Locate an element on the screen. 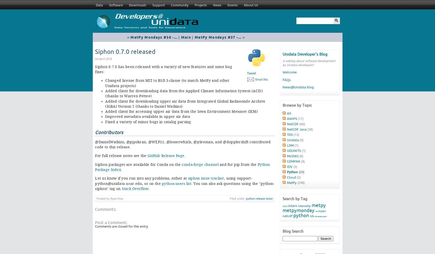  'tds' is located at coordinates (310, 216).